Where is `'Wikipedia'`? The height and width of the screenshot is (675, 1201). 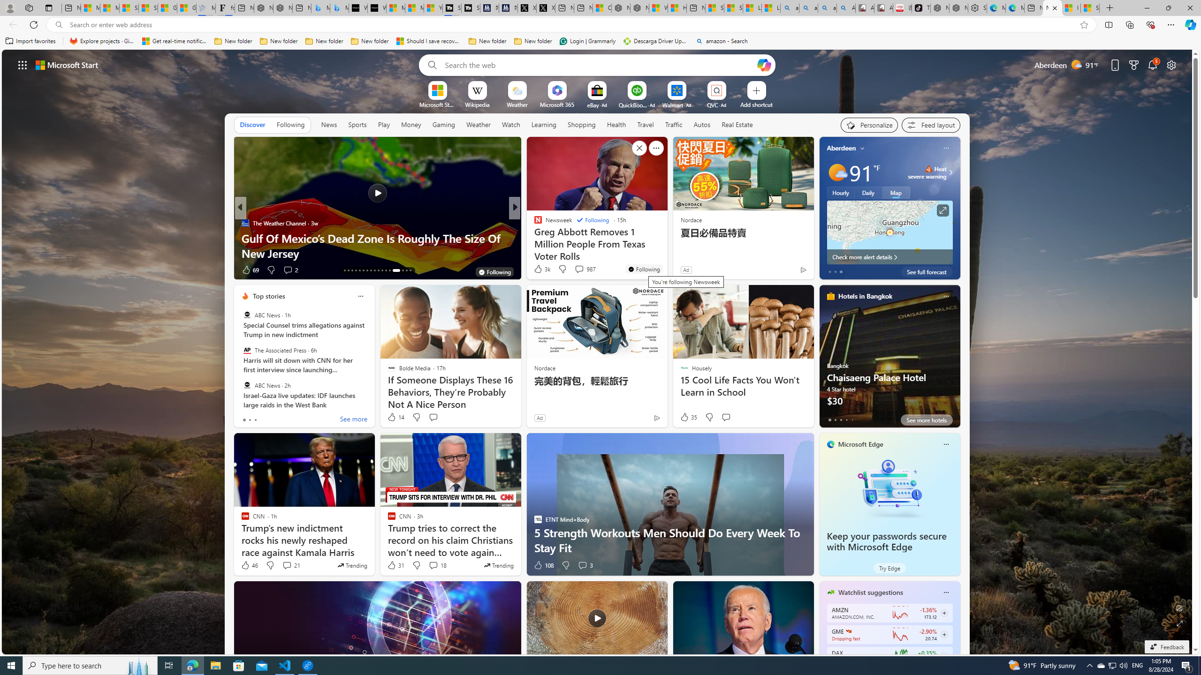 'Wikipedia' is located at coordinates (477, 104).